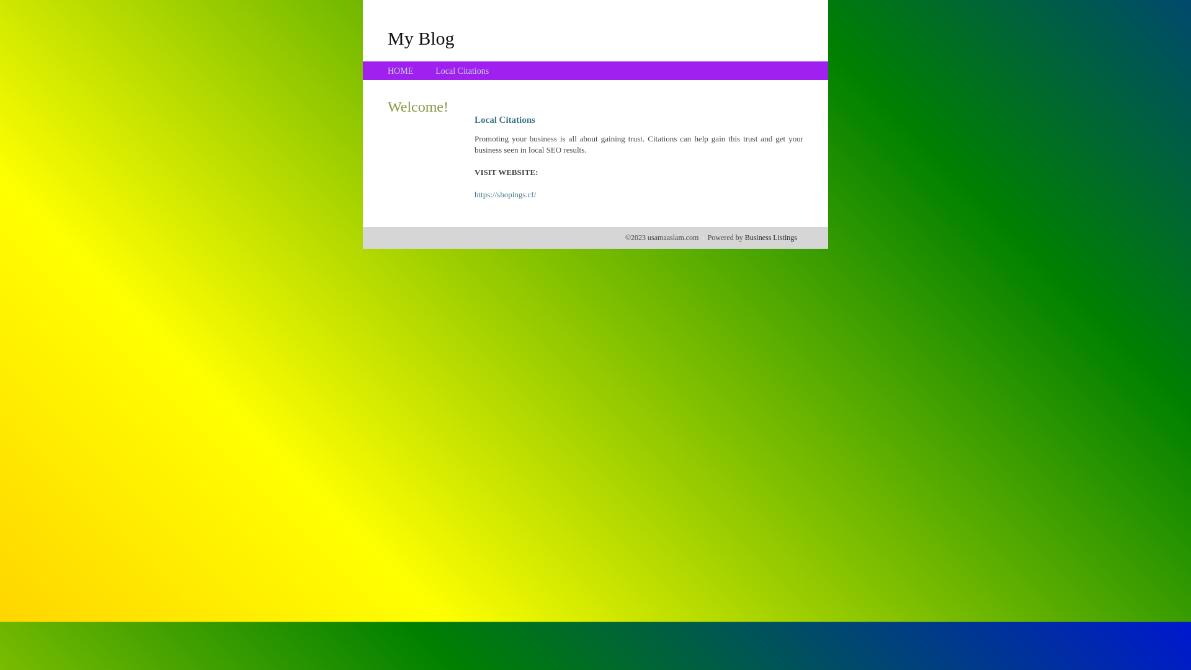  What do you see at coordinates (505, 194) in the screenshot?
I see `'https://shopings.cf/'` at bounding box center [505, 194].